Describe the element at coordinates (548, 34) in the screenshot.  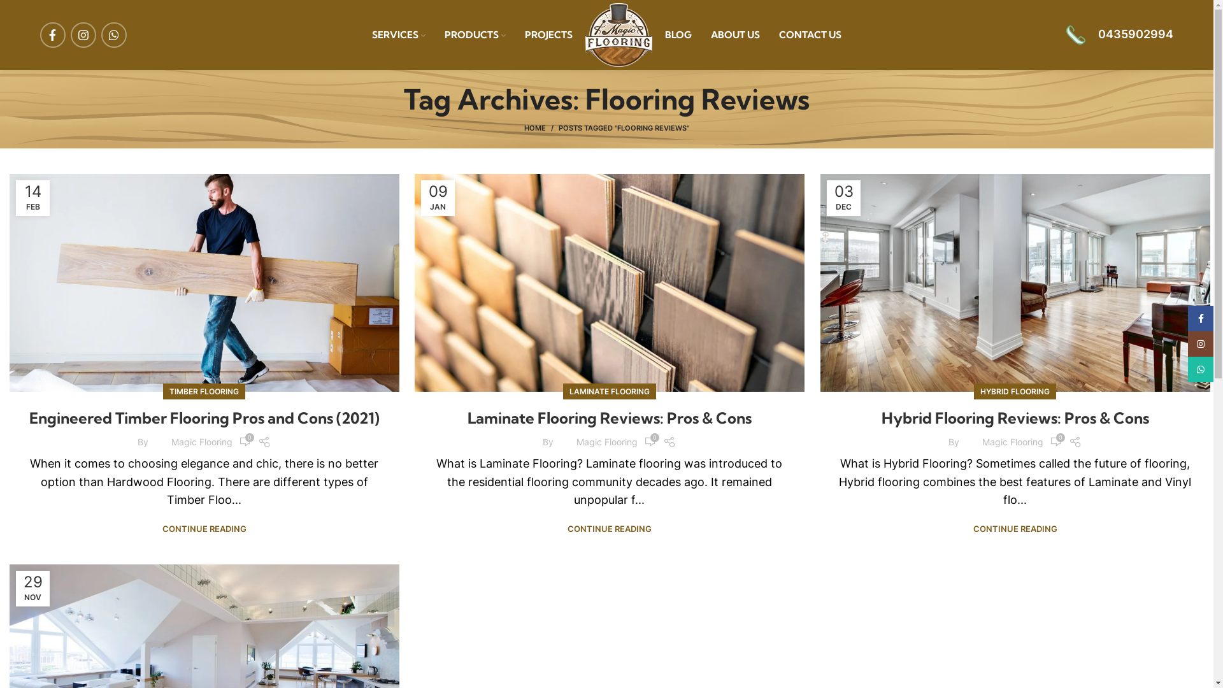
I see `'PROJECTS'` at that location.